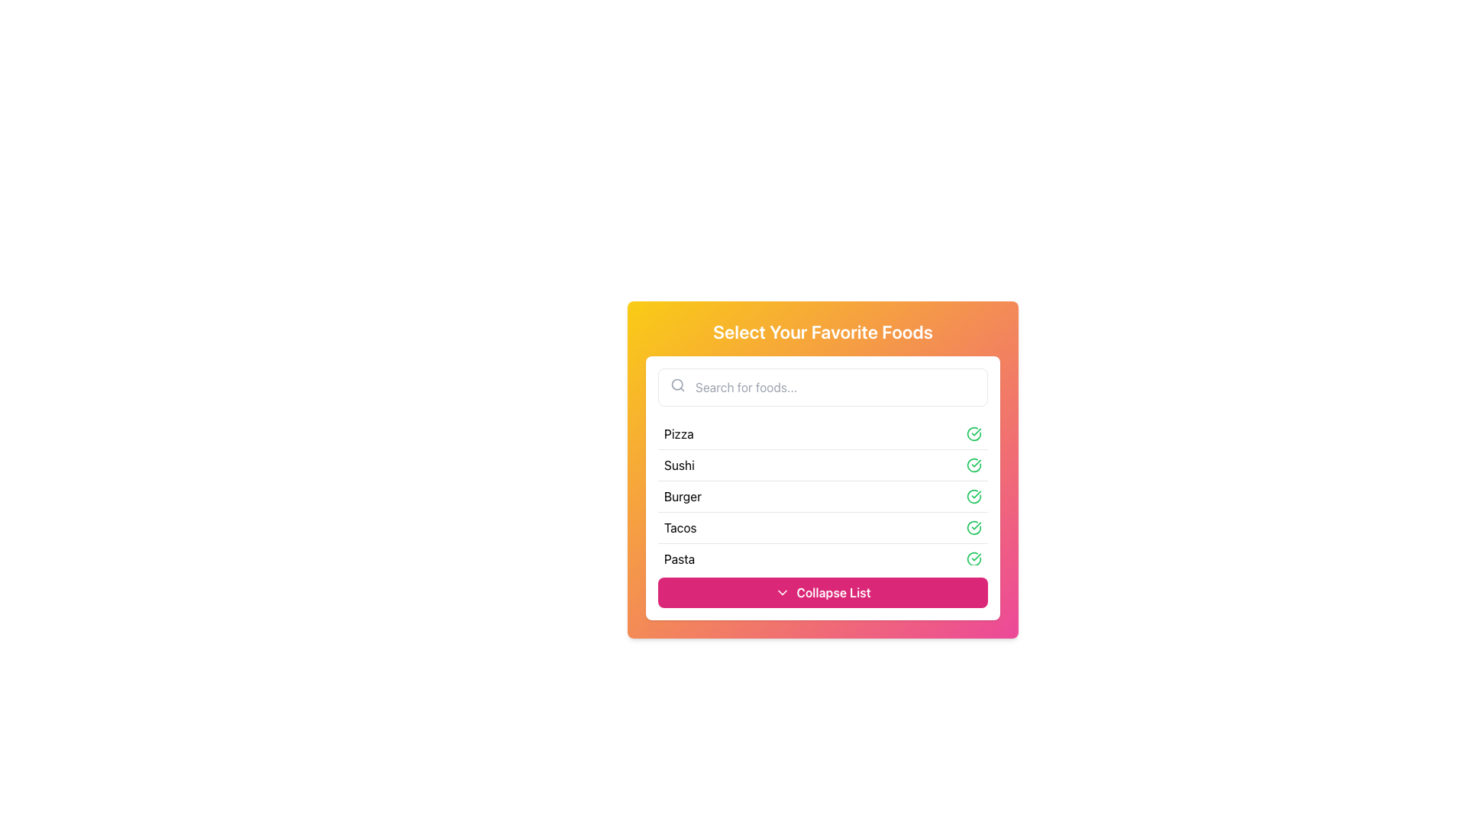 This screenshot has height=824, width=1466. What do you see at coordinates (832, 591) in the screenshot?
I see `the Text Label that indicates the action of collapsing a list, positioned to the right of a downward arrow icon at the bottom-center of the card panel` at bounding box center [832, 591].